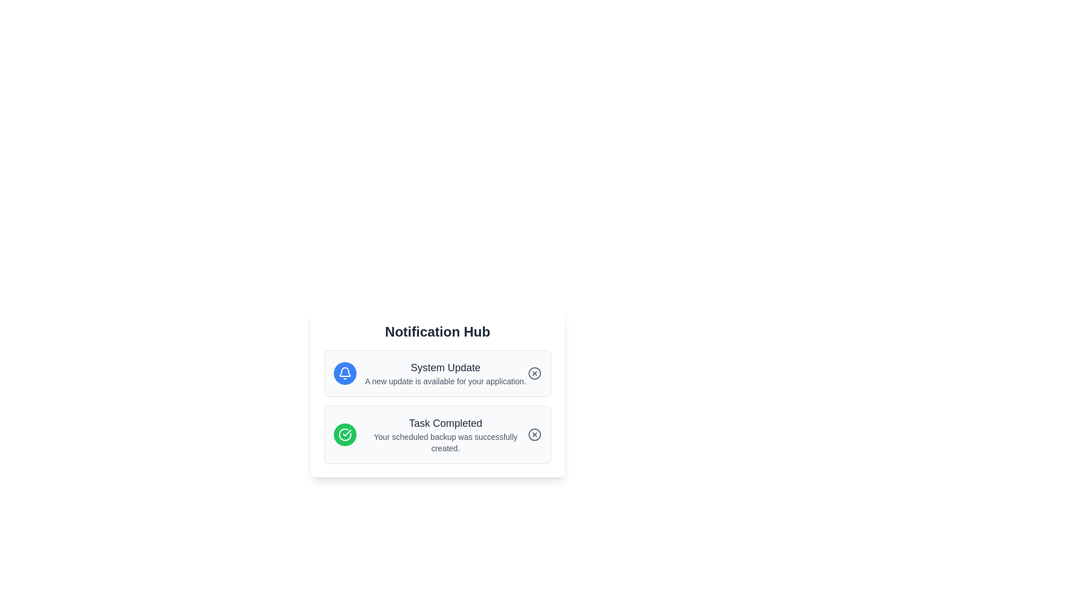  I want to click on Icon button located in the top notification card, which represents a notification related to a system update, so click(345, 373).